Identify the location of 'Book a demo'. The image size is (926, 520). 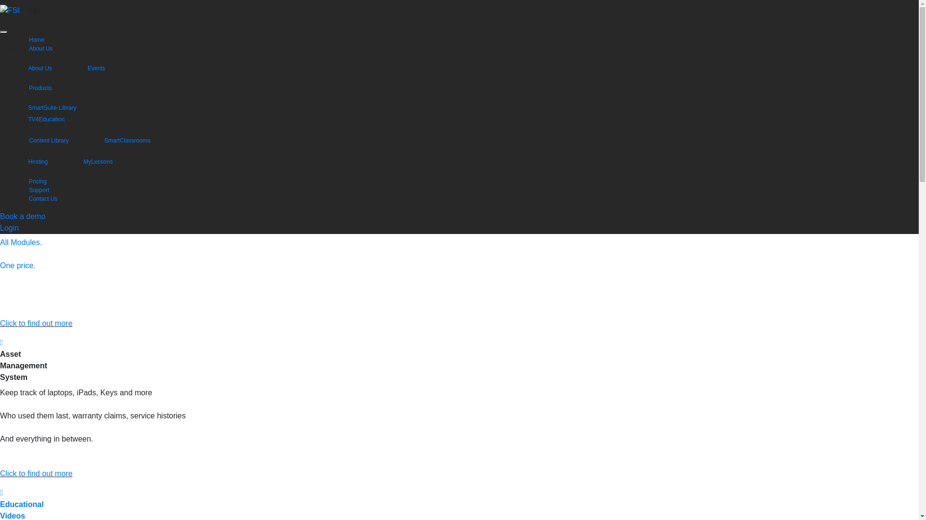
(23, 216).